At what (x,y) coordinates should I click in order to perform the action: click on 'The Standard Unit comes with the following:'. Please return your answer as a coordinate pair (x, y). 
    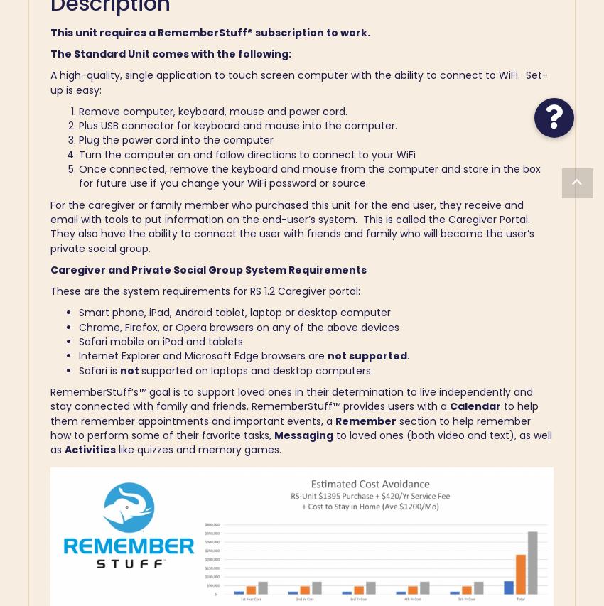
    Looking at the image, I should click on (50, 52).